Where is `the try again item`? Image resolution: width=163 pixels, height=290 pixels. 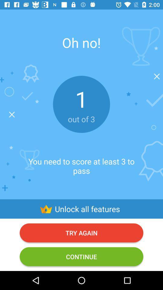
the try again item is located at coordinates (81, 232).